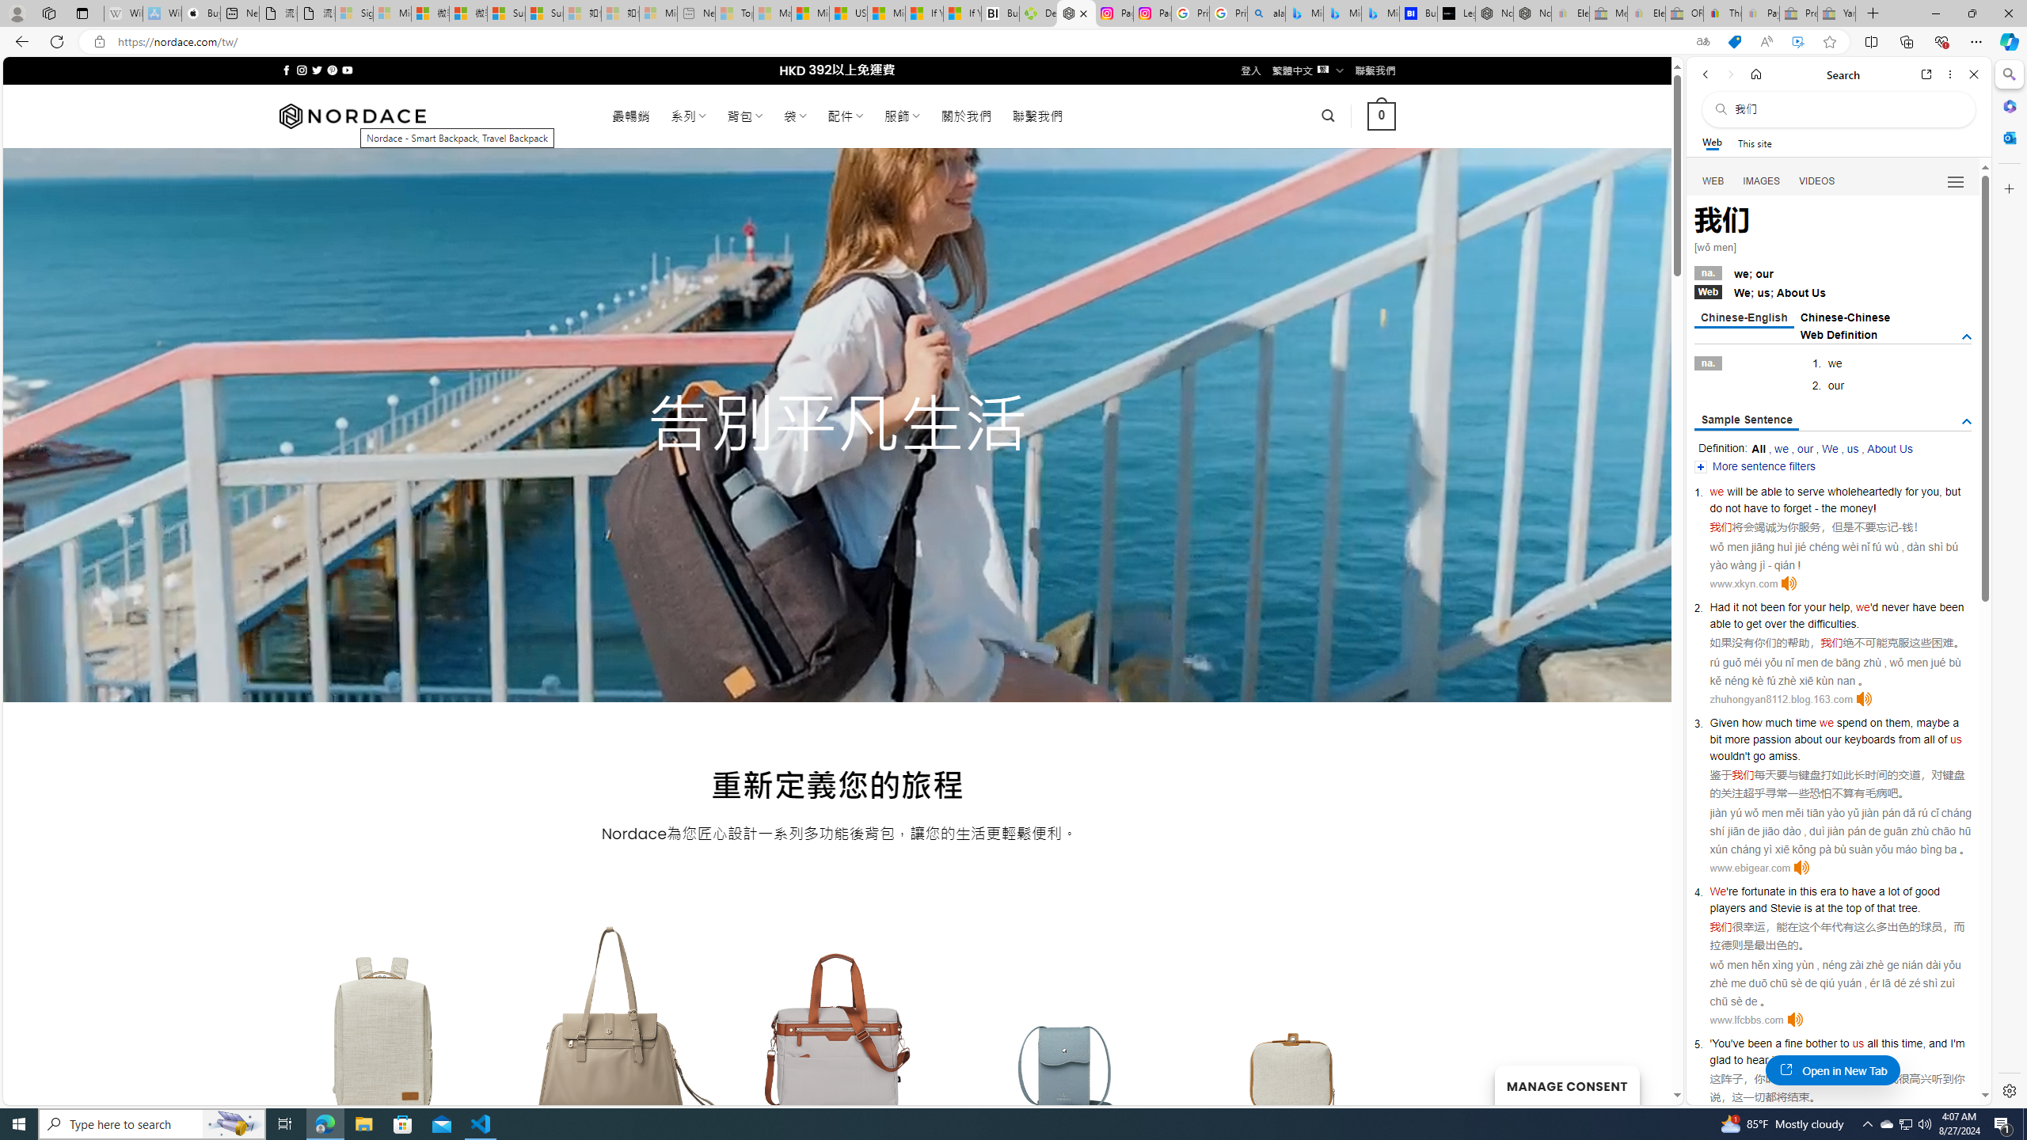  What do you see at coordinates (1839, 333) in the screenshot?
I see `'Web Definition'` at bounding box center [1839, 333].